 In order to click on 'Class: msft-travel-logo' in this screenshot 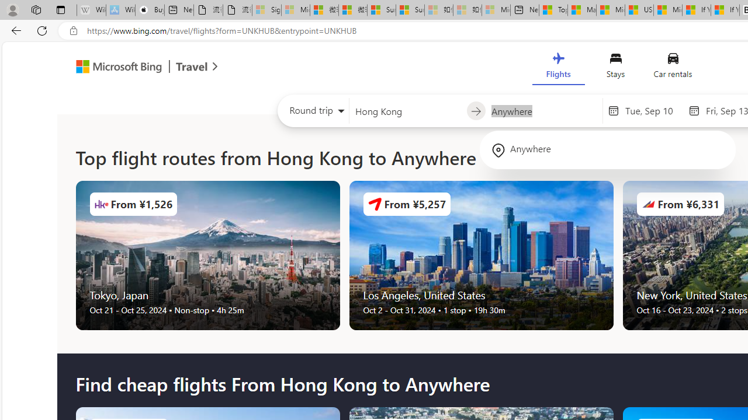, I will do `click(192, 66)`.